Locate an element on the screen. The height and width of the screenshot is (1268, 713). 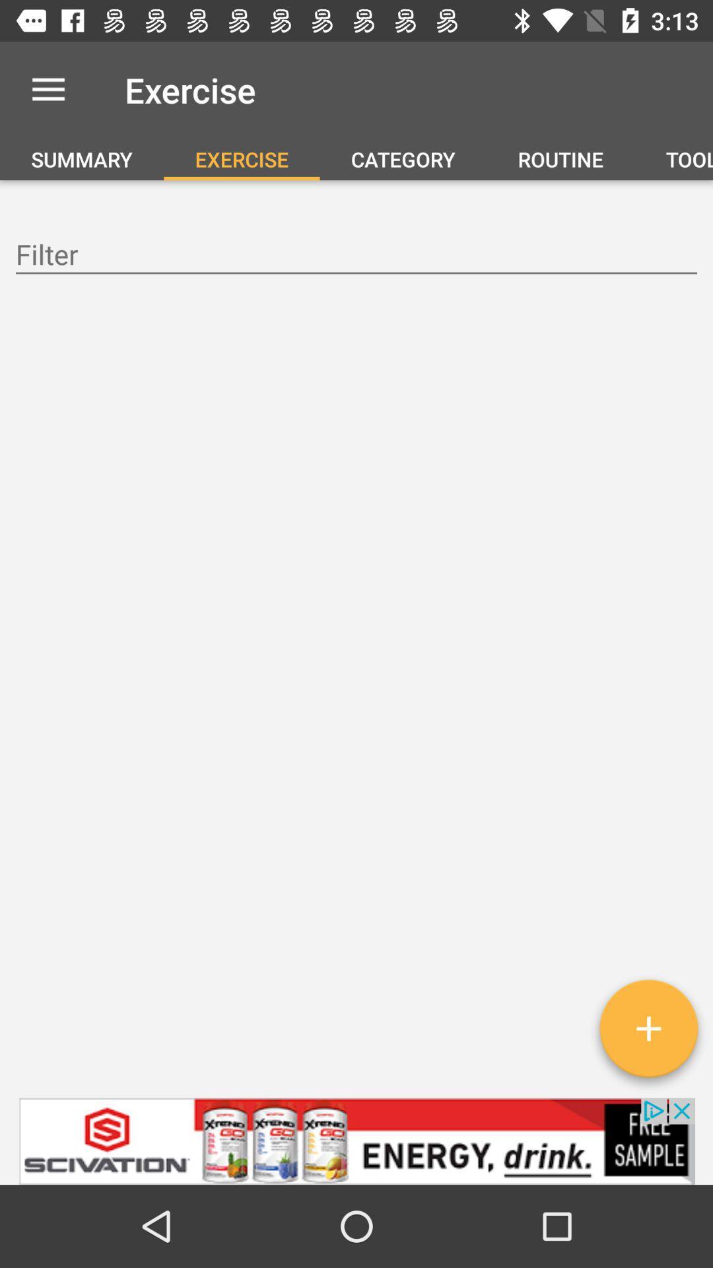
data is located at coordinates (356, 256).